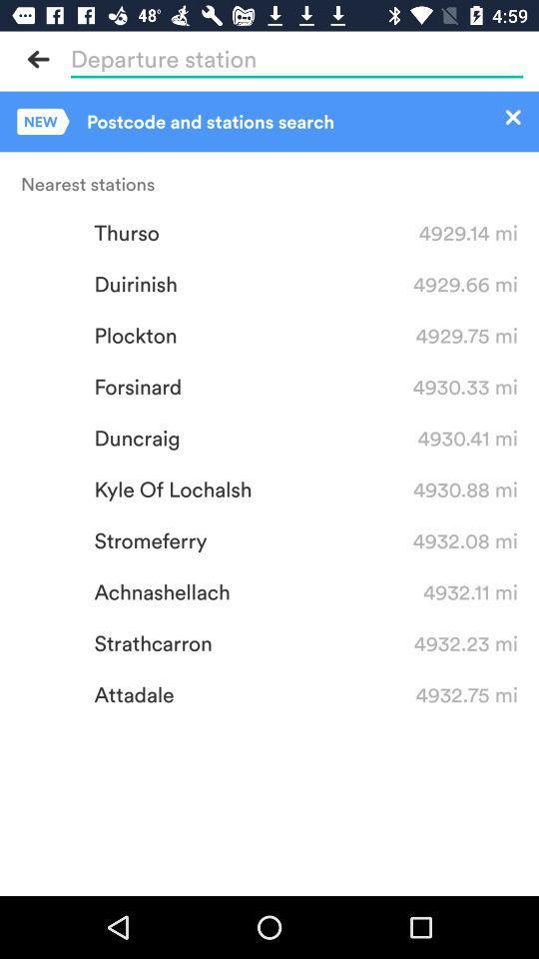  Describe the element at coordinates (295, 58) in the screenshot. I see `search bar` at that location.